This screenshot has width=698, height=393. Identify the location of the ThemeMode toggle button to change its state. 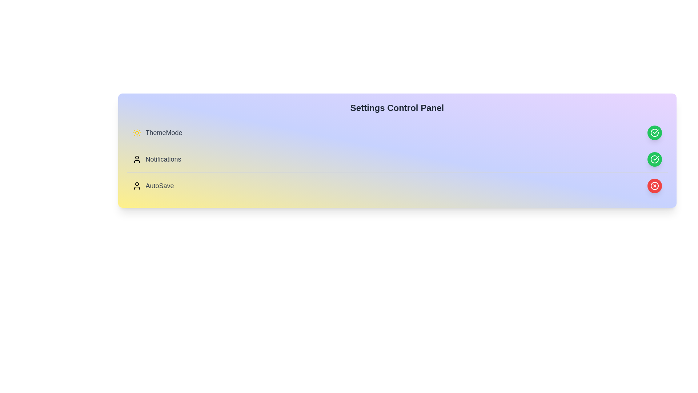
(654, 133).